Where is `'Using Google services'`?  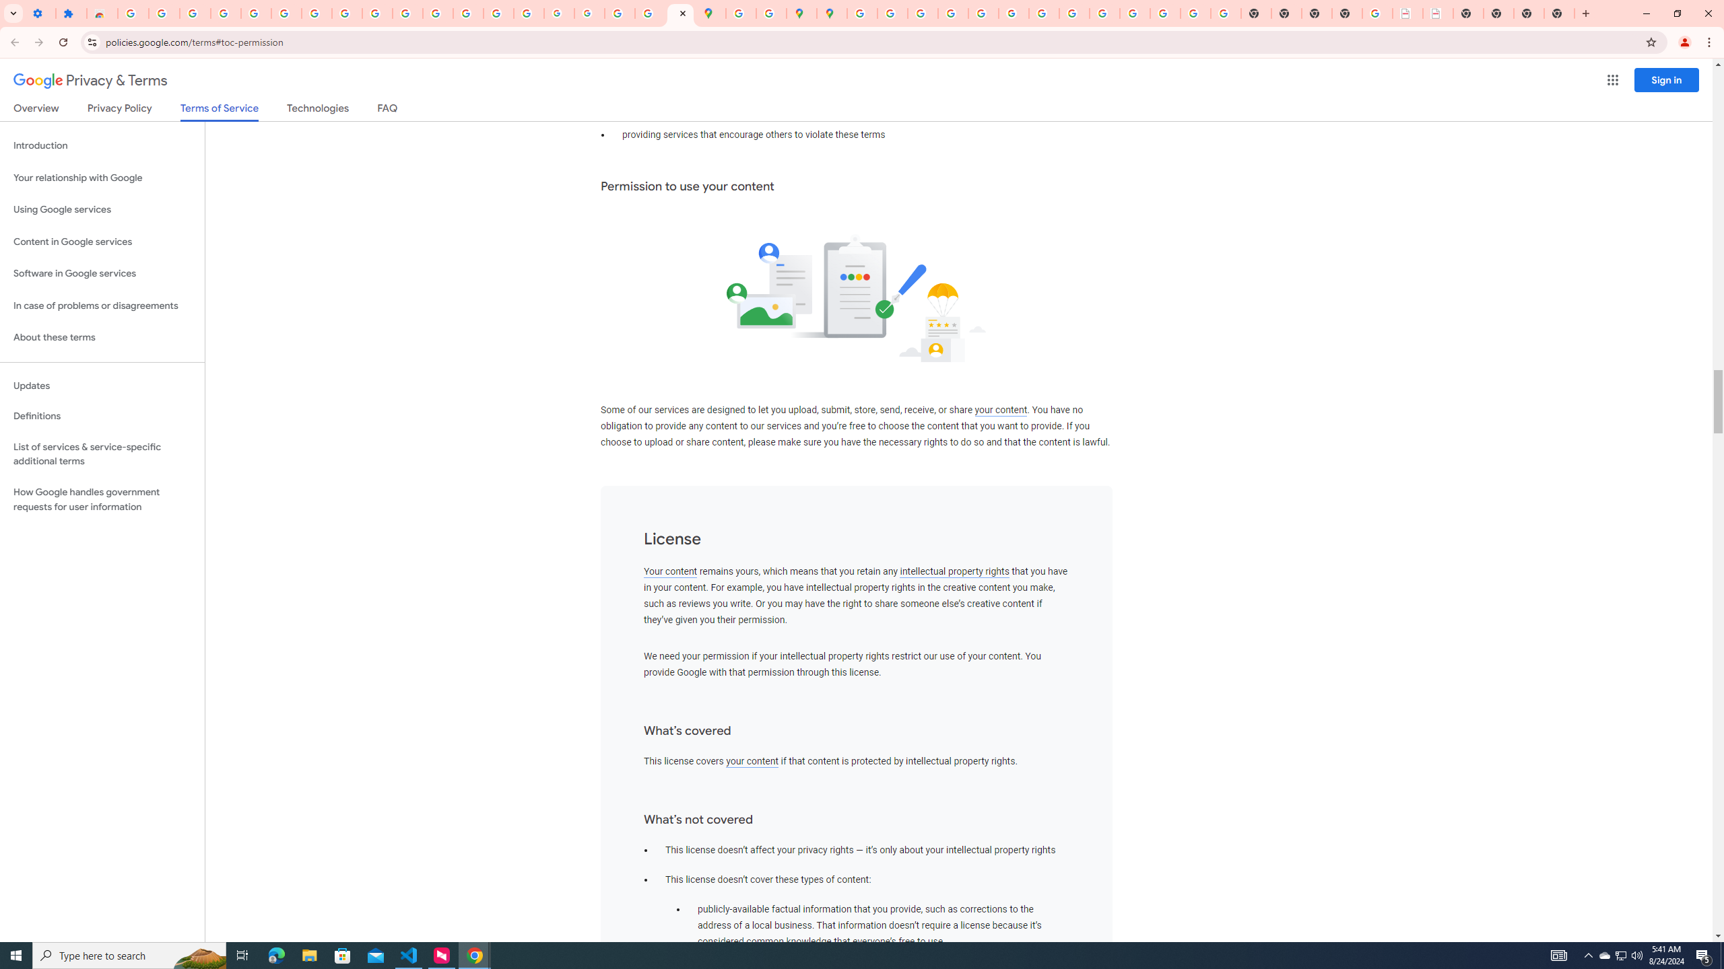
'Using Google services' is located at coordinates (102, 209).